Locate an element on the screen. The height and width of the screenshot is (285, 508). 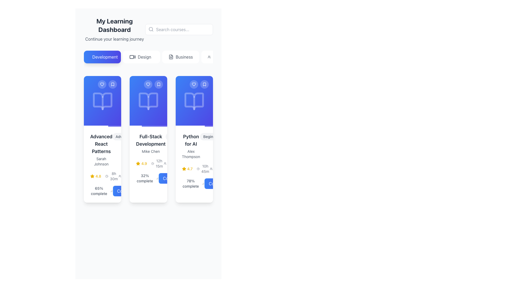
the round button with a semi-transparent white background and a heart icon in the center, located in the top-right corner of the 'Advanced React Patterns' card, to favorite the item is located at coordinates (102, 84).